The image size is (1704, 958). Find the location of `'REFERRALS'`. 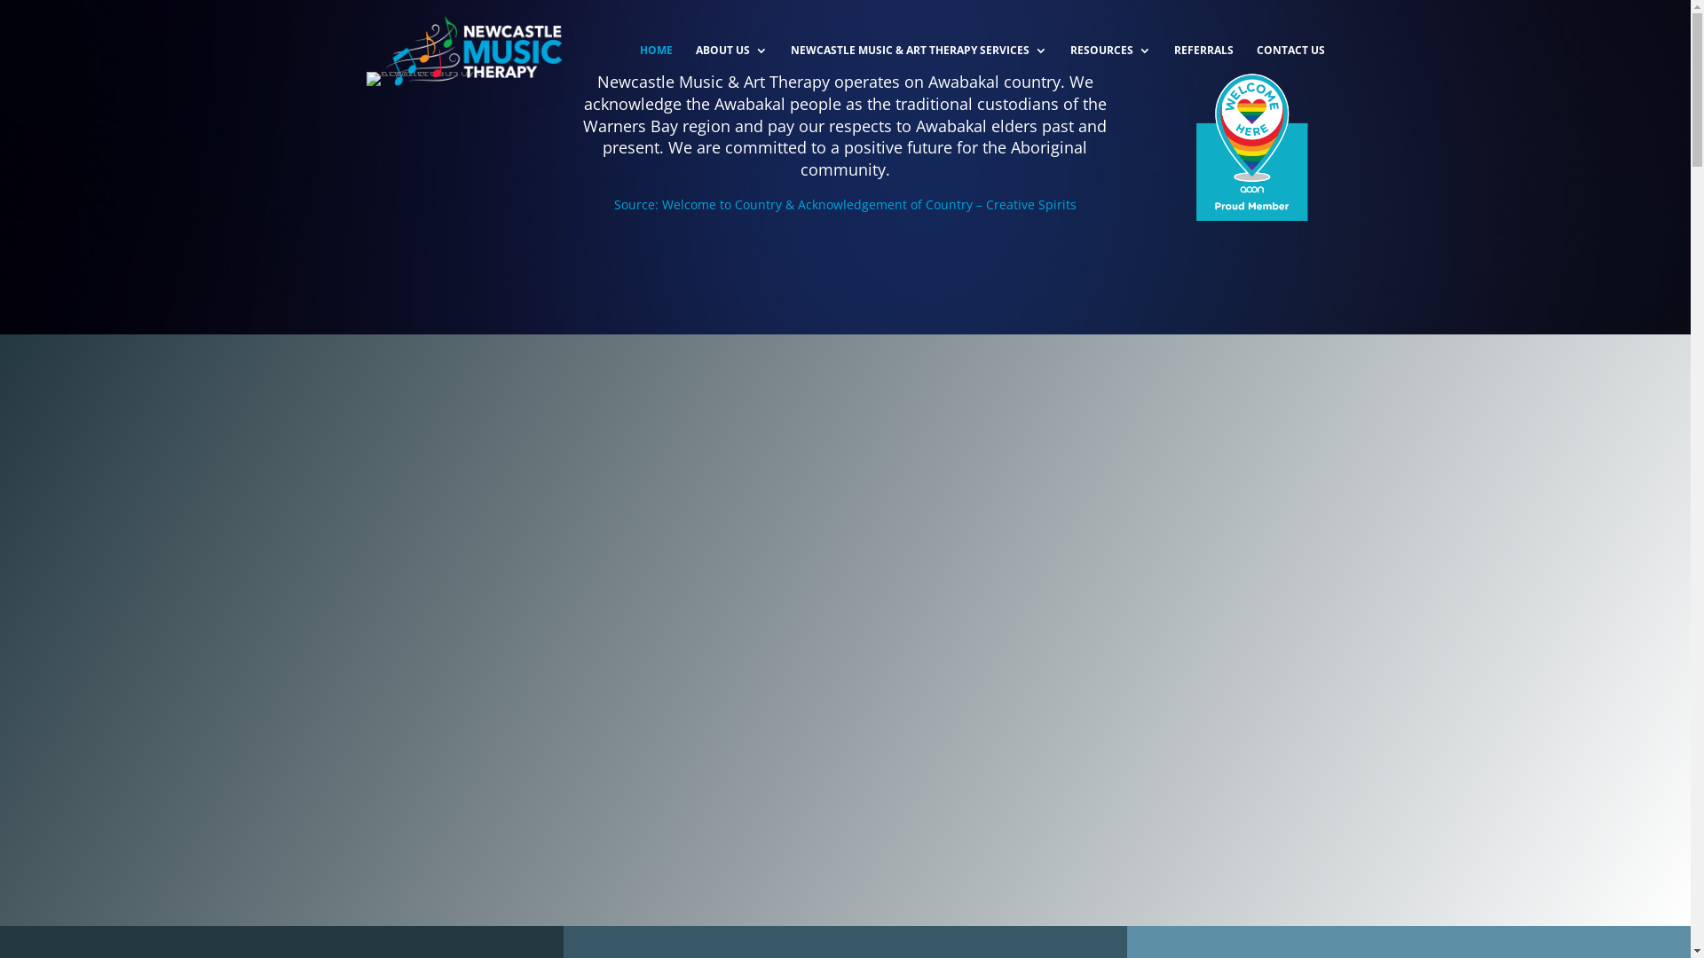

'REFERRALS' is located at coordinates (1172, 71).